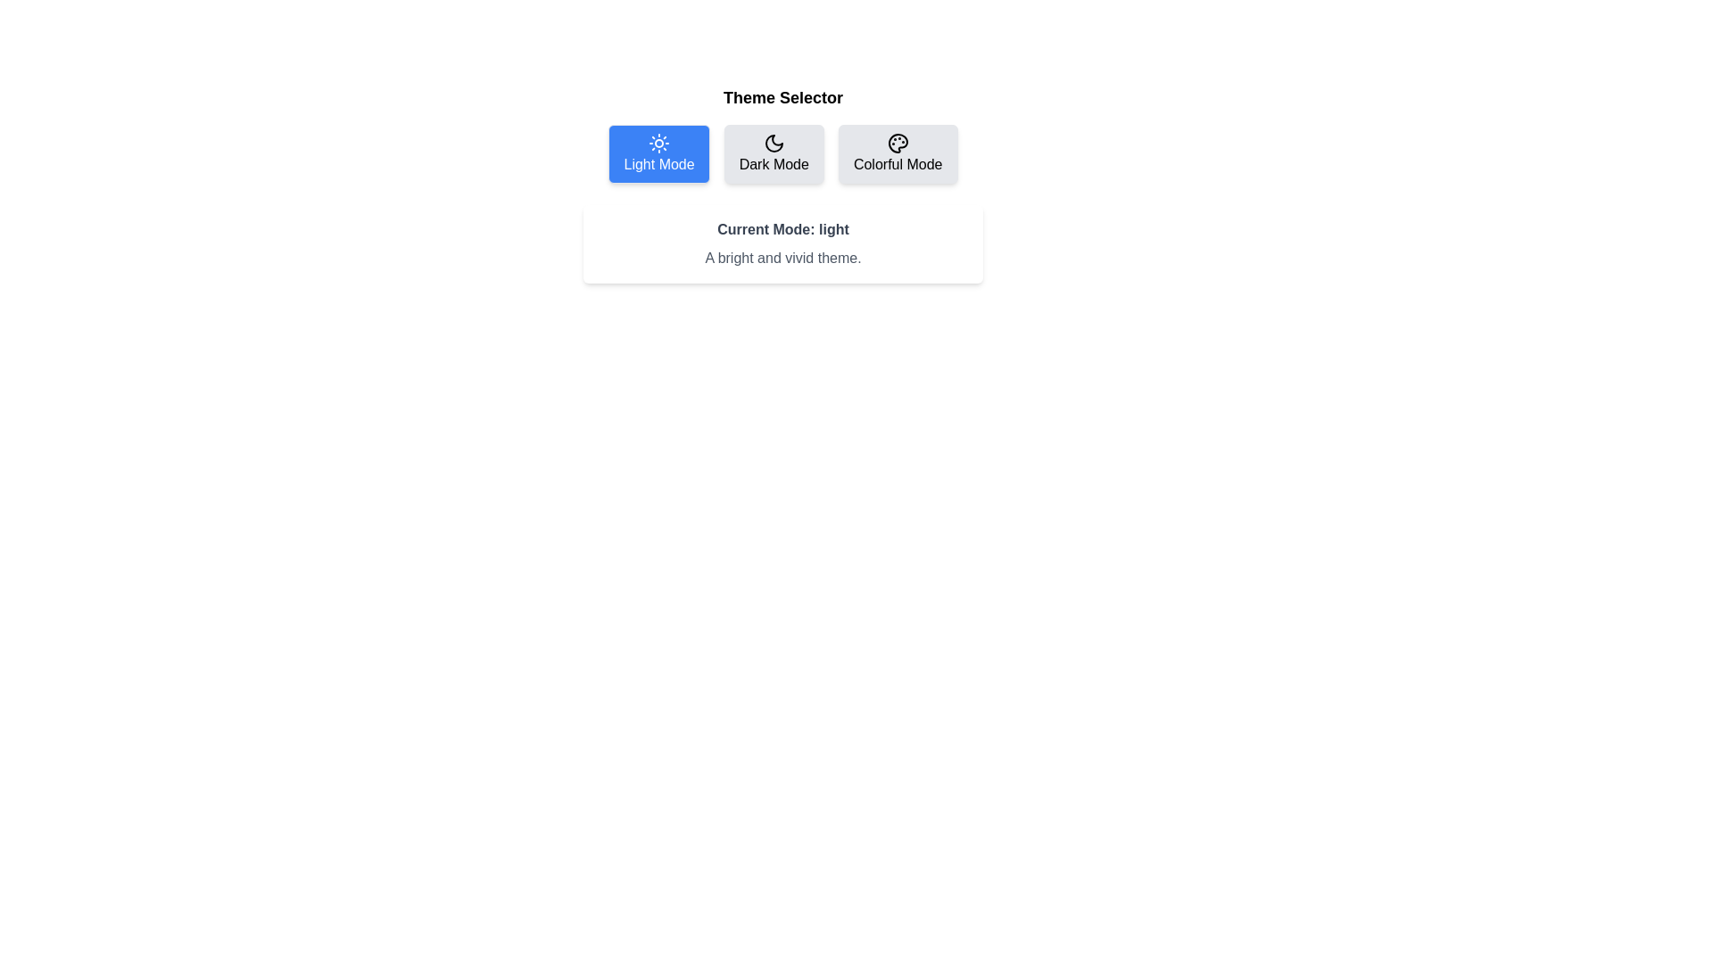 This screenshot has width=1713, height=963. Describe the element at coordinates (783, 258) in the screenshot. I see `the Text Label that provides information about the current theme mode, located below the 'Current Mode: light' label` at that location.